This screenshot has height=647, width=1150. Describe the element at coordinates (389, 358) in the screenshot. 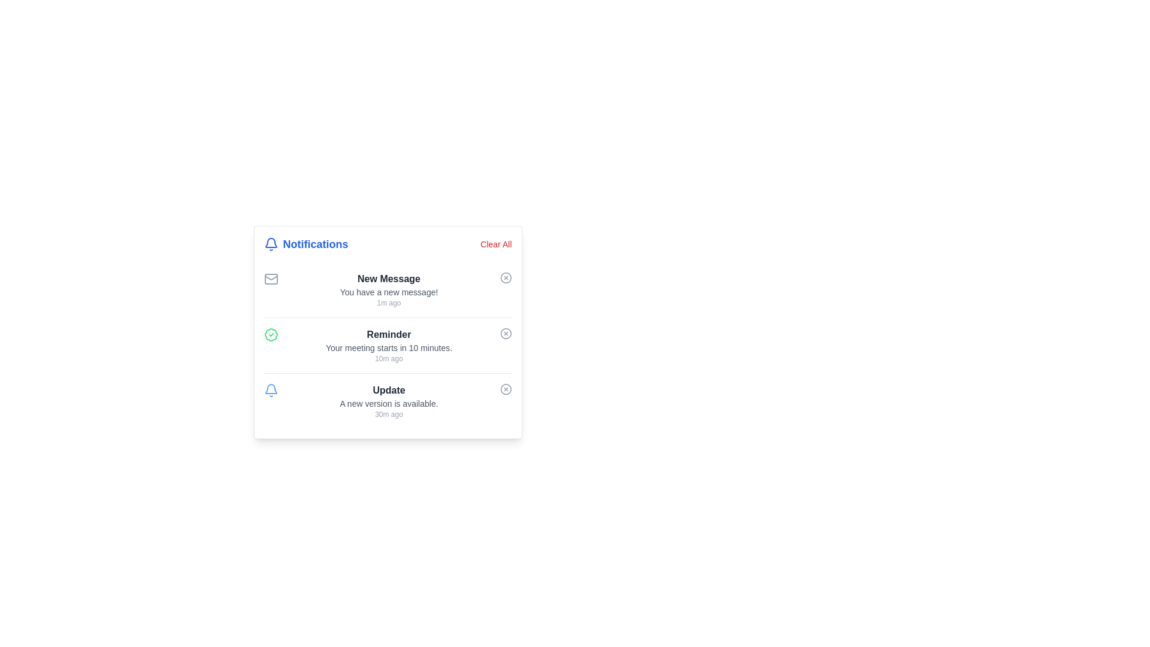

I see `the static text element displaying '10m ago' located at the bottom of the notification card titled 'Reminder'` at that location.